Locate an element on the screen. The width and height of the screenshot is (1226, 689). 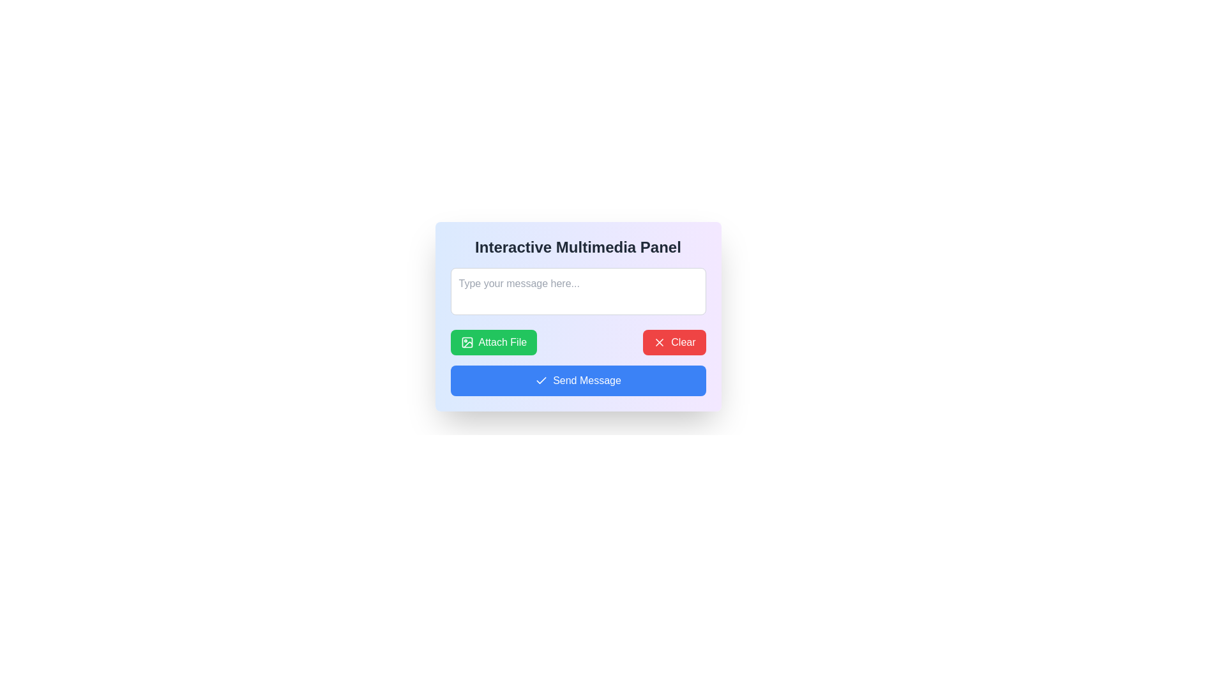
the small green rectangle with rounded corners located to the left of the 'Attach File' button is located at coordinates (466, 341).